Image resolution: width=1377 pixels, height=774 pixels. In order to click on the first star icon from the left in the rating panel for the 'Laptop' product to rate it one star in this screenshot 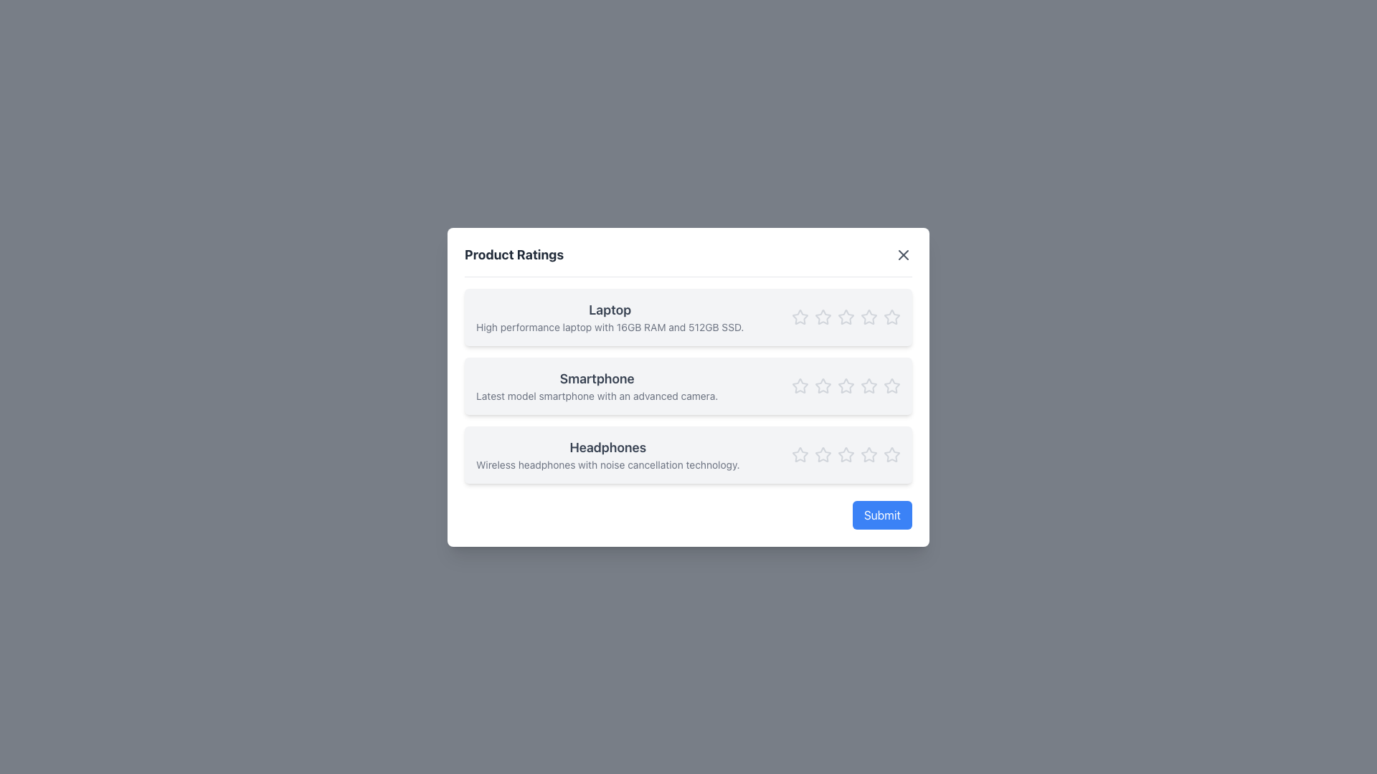, I will do `click(800, 316)`.